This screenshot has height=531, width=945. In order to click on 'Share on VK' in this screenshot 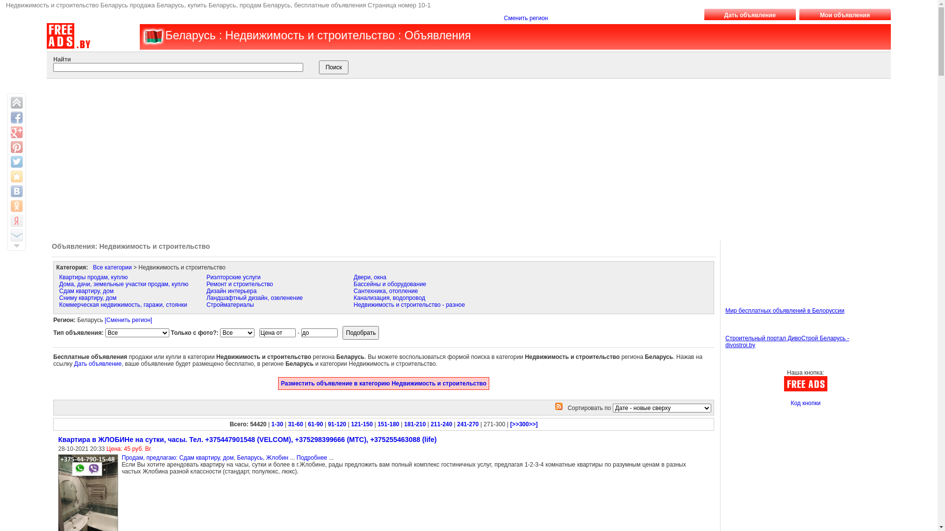, I will do `click(11, 191)`.